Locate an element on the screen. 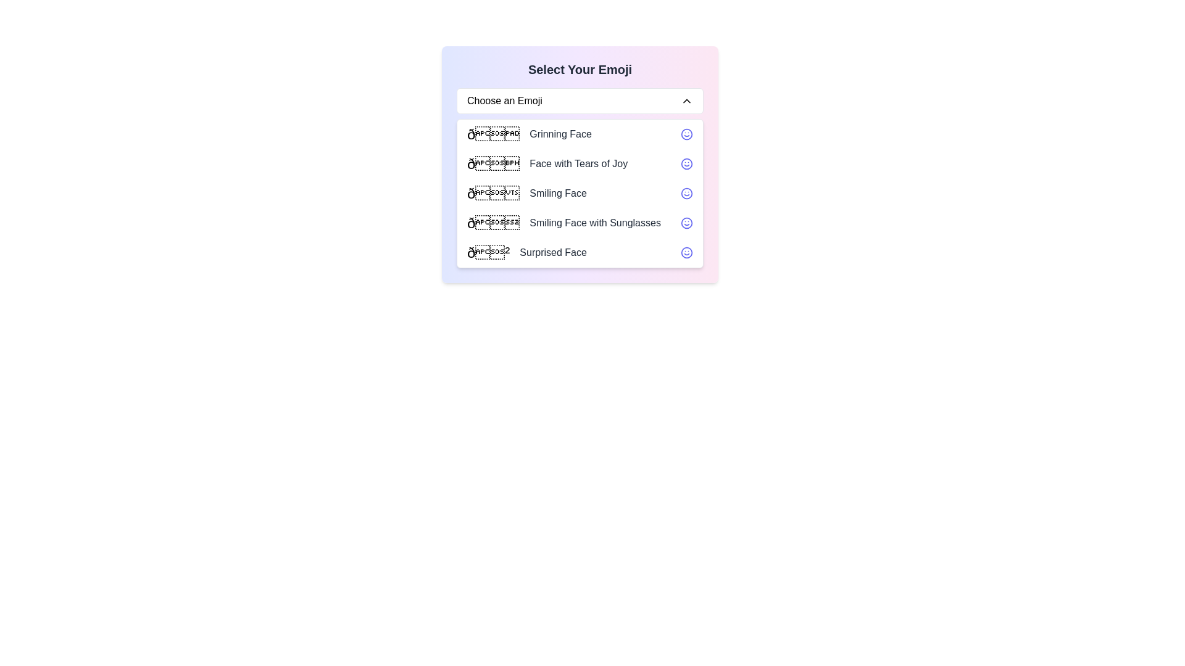  the first item in the emoji selection list representing the 'Grinning Face' emoji is located at coordinates (529, 134).